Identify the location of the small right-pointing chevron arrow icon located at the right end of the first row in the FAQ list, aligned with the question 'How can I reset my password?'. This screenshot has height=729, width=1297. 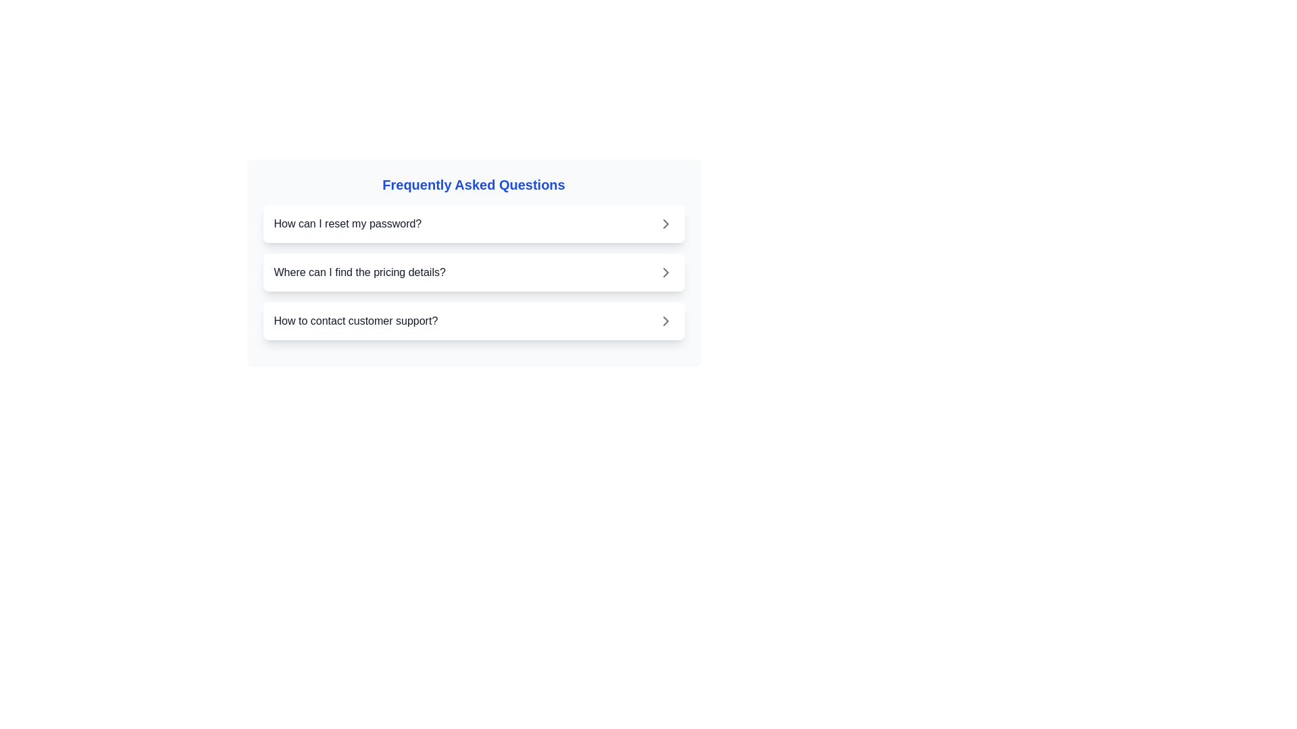
(665, 223).